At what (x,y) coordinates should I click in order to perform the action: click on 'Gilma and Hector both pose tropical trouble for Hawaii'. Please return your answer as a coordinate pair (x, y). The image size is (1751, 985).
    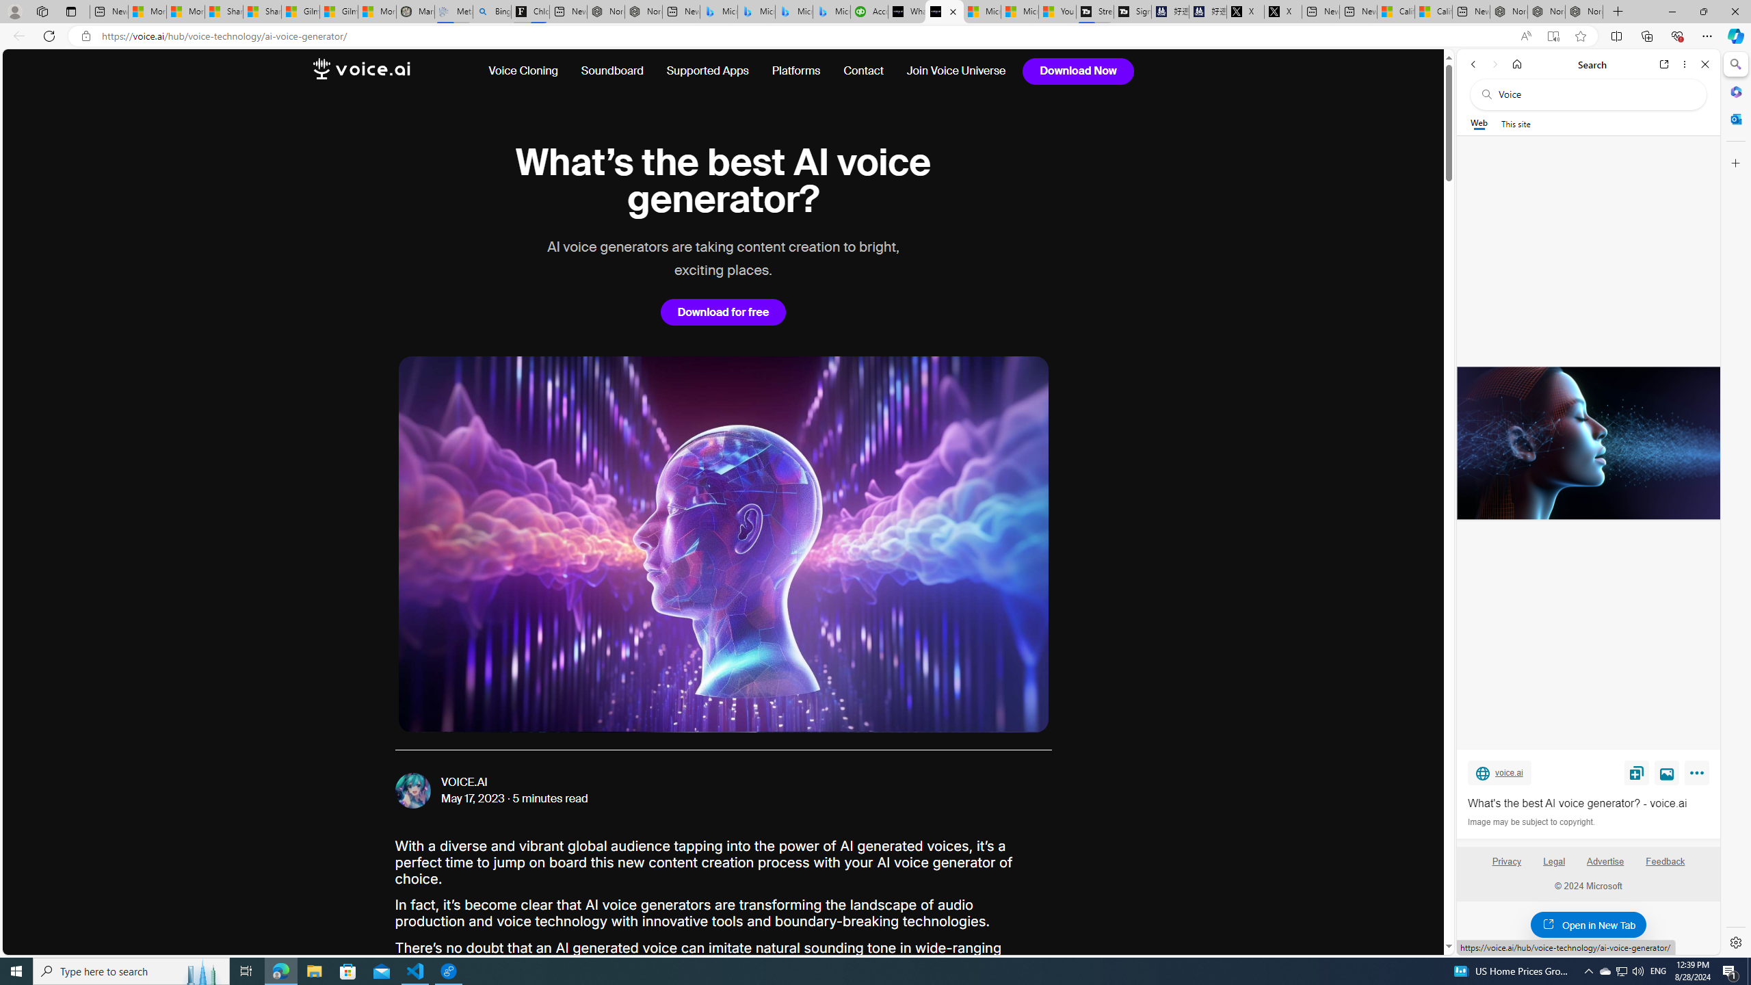
    Looking at the image, I should click on (338, 11).